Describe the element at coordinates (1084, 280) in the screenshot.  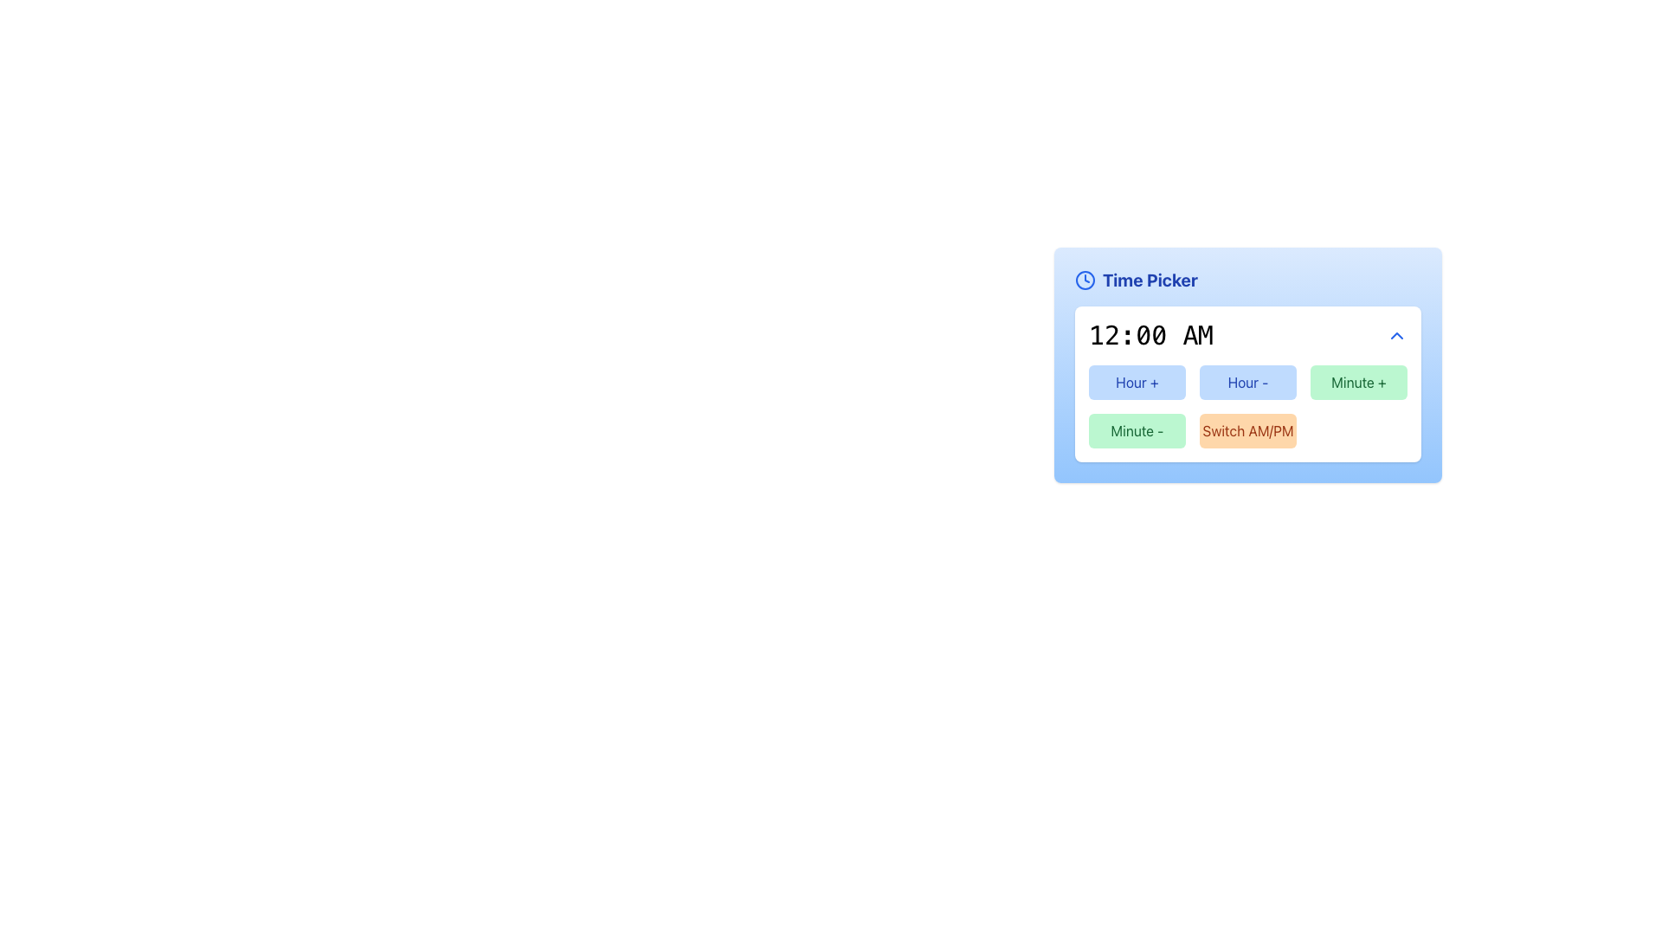
I see `the blue clock icon located immediately to the left of the 'Time Picker' title in the UI` at that location.